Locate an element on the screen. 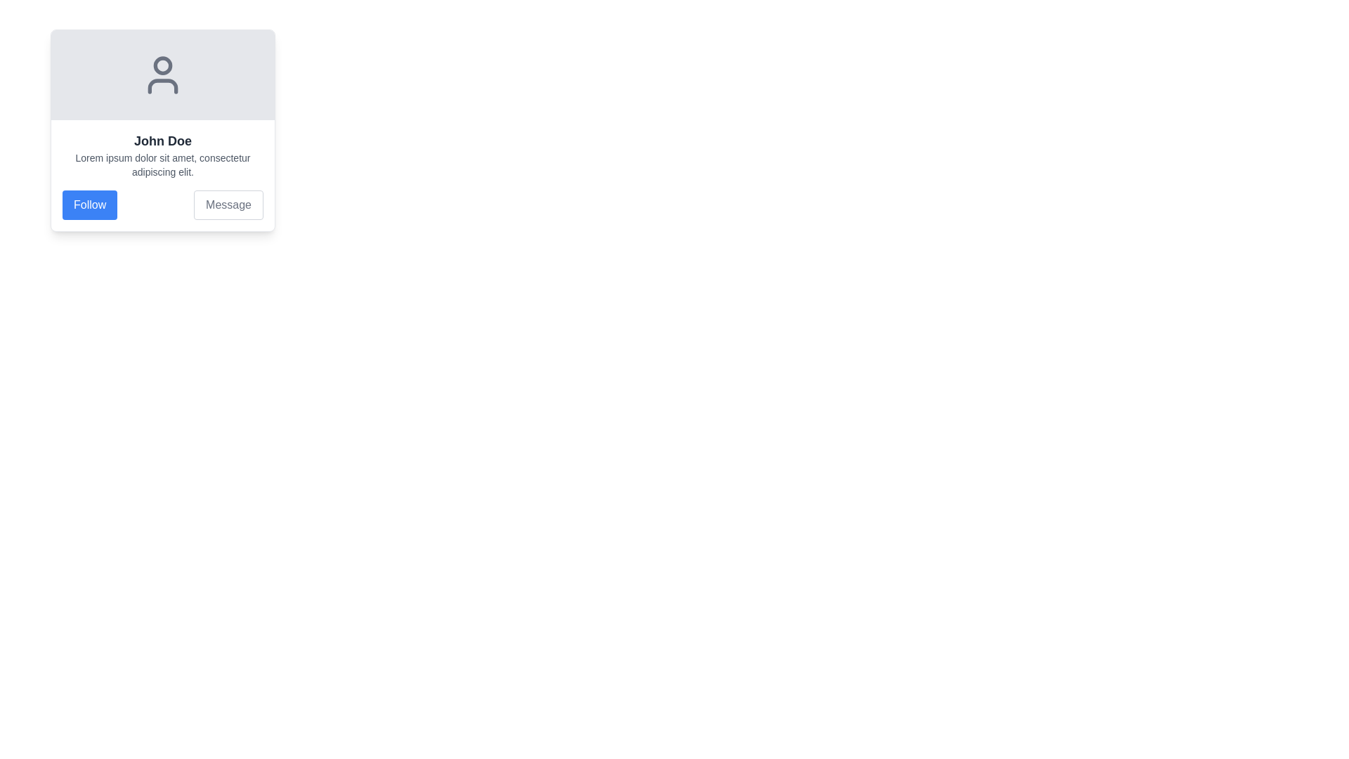 This screenshot has width=1349, height=759. the text block providing additional descriptive information about 'John Doe', which is positioned below the 'John Doe' text and above the 'Follow' and 'Message' buttons is located at coordinates (162, 164).